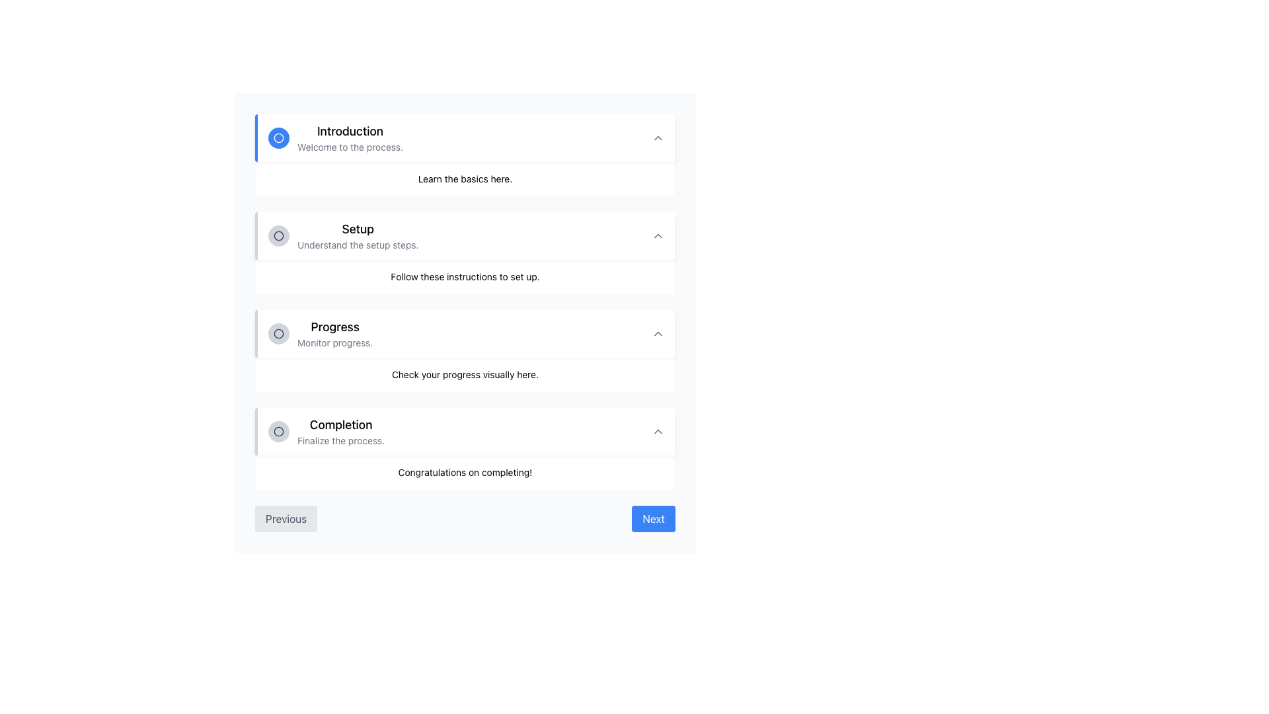  I want to click on the 'Setup' text section which includes a bold title and description, positioned between 'Introduction' and 'Progress' in the vertical list, so click(343, 235).